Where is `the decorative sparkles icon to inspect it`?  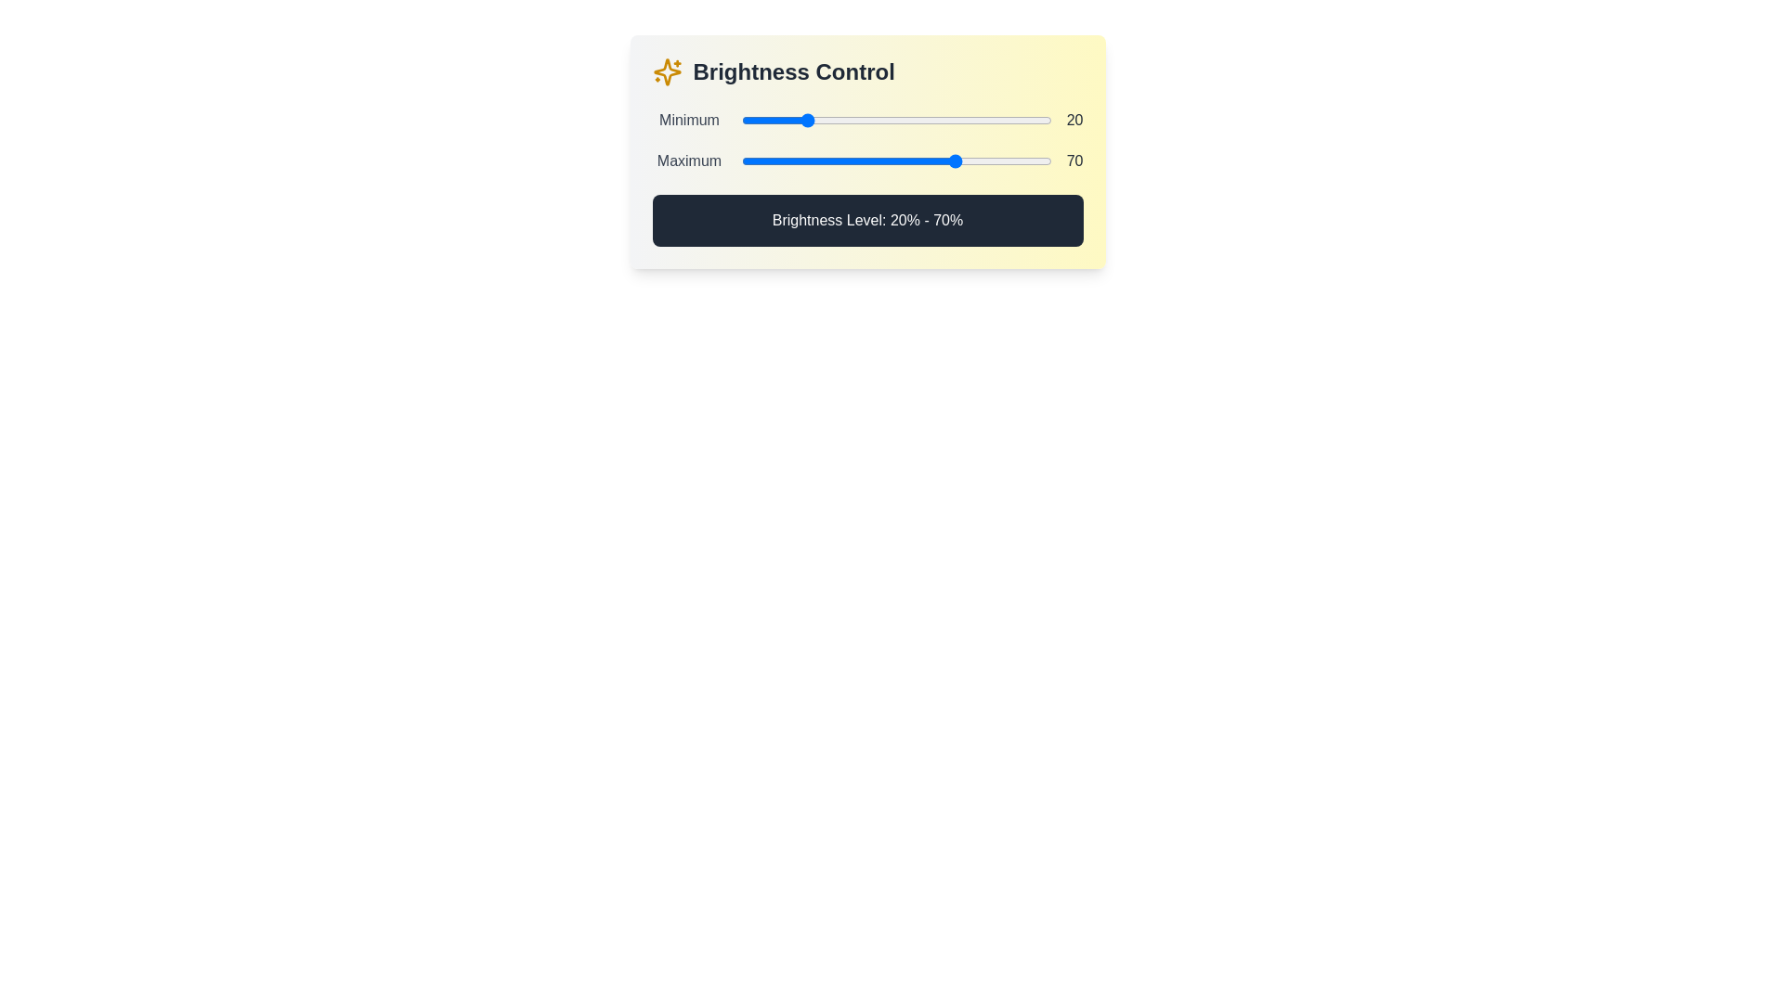 the decorative sparkles icon to inspect it is located at coordinates (667, 71).